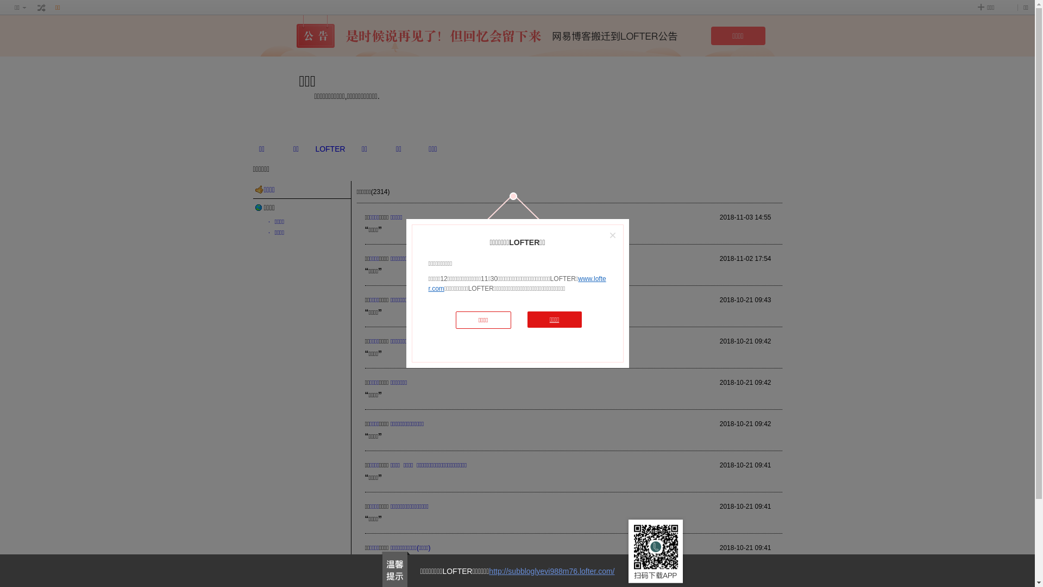  Describe the element at coordinates (312, 148) in the screenshot. I see `'LOFTER'` at that location.